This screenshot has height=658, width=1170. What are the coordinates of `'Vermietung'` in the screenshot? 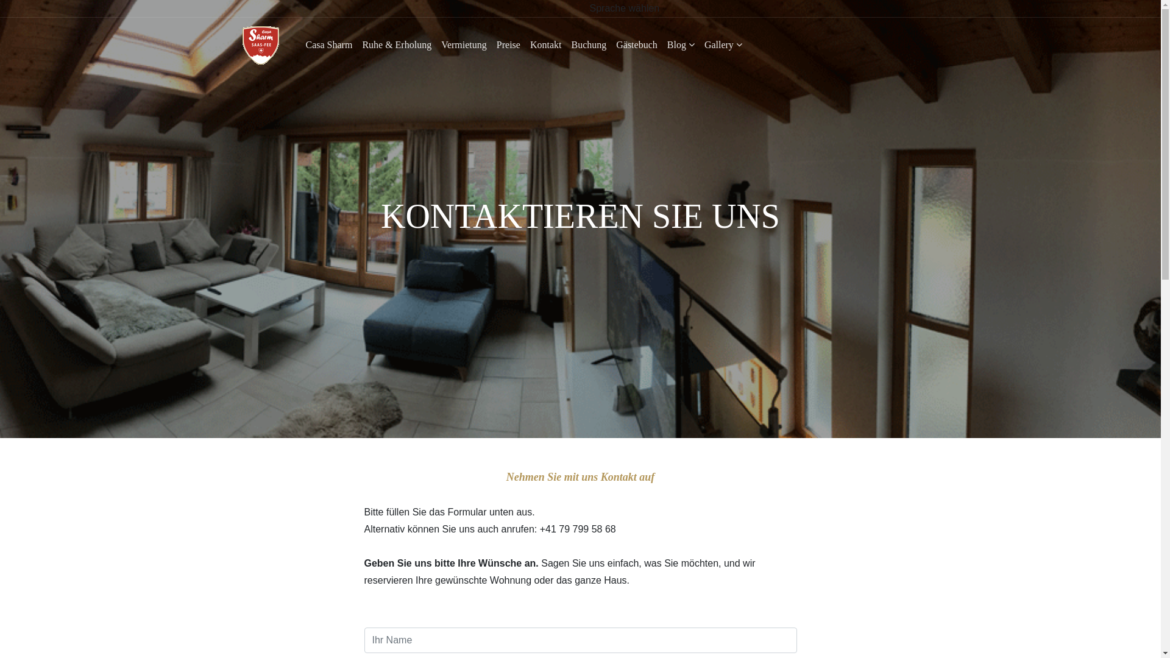 It's located at (436, 44).